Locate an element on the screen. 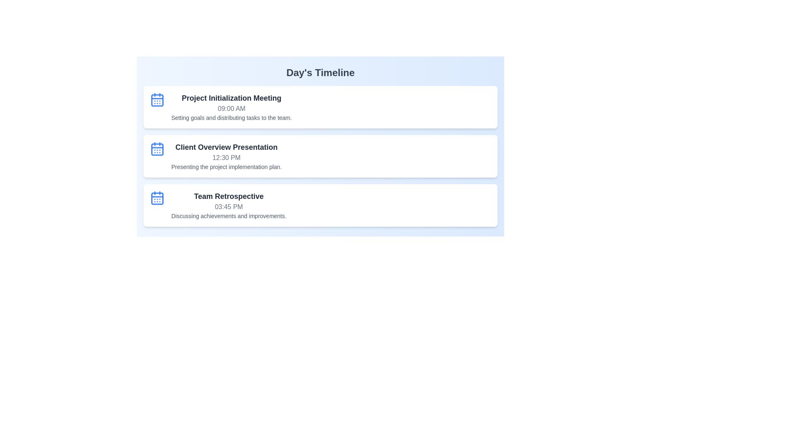  displayed information about the event titled 'Client Overview Presentation' located in the second box under 'Day's Timeline' is located at coordinates (226, 156).